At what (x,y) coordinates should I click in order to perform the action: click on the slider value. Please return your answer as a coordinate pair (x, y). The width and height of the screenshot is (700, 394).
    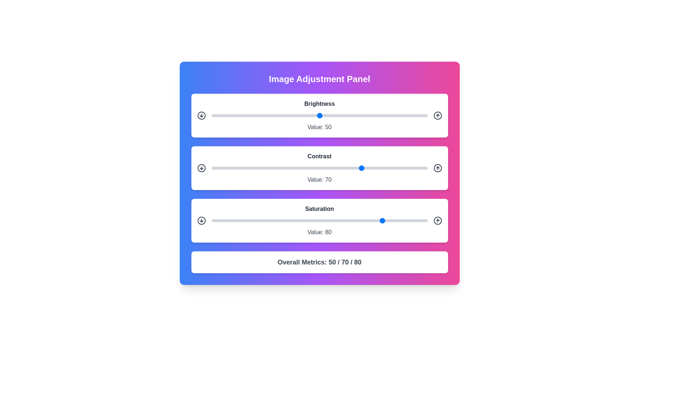
    Looking at the image, I should click on (254, 220).